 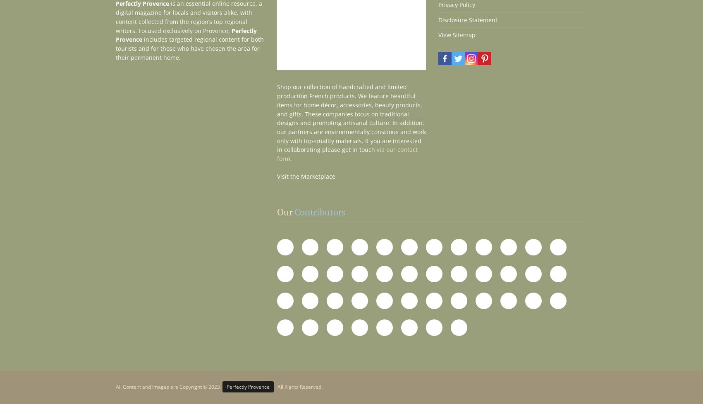 I want to click on 'All Content and Images are Copyright © 2023', so click(x=169, y=386).